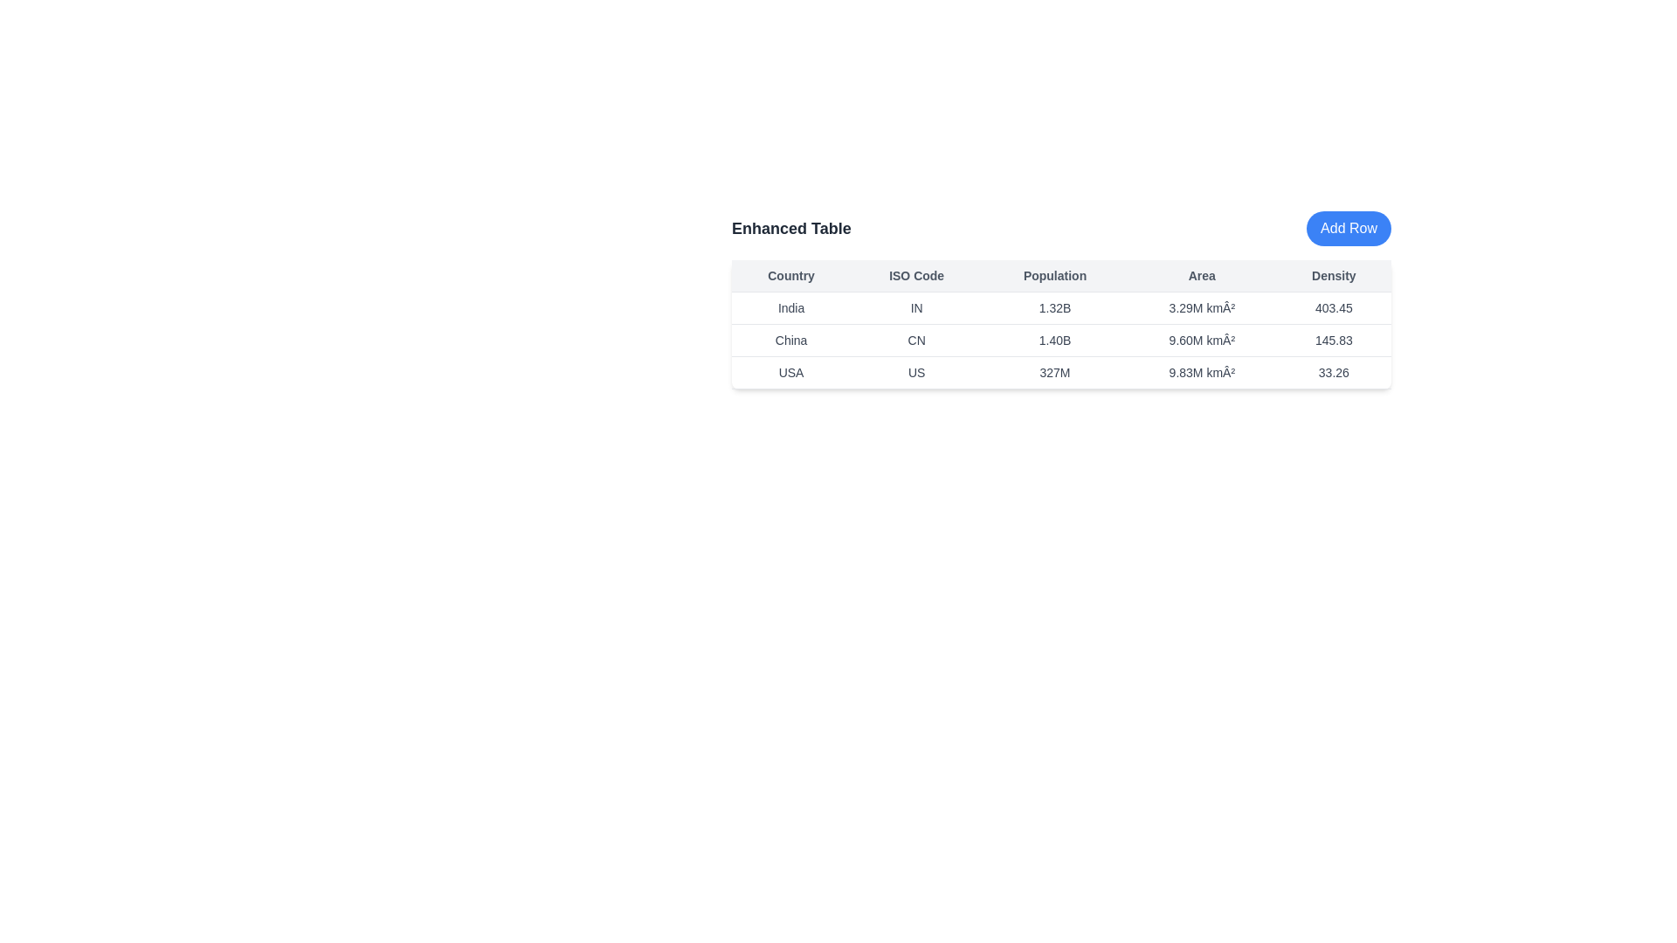 This screenshot has height=943, width=1677. Describe the element at coordinates (915, 340) in the screenshot. I see `the text label 'CN' which is styled with a smaller font size and gray color, located in the 'ISO Code' column of the 'China' row` at that location.